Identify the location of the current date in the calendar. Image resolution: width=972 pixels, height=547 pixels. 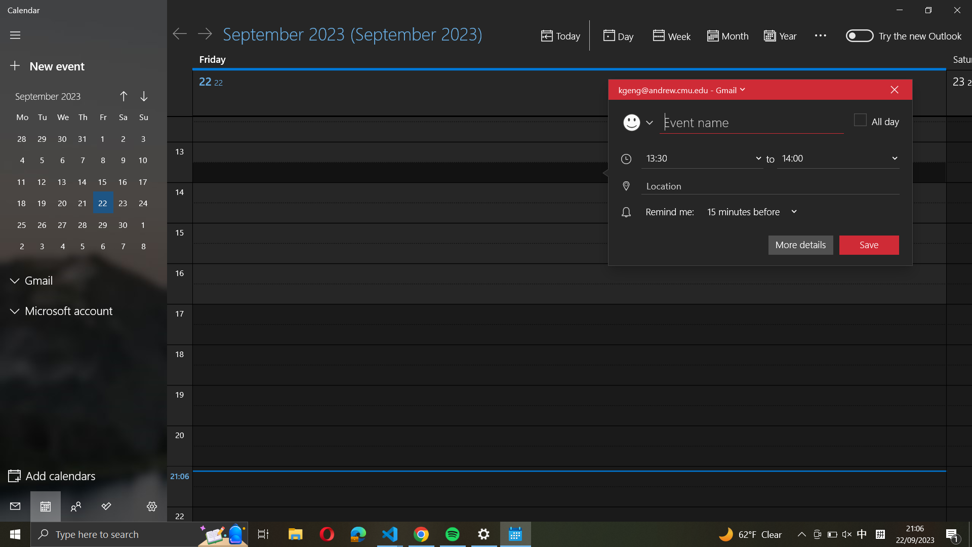
(559, 36).